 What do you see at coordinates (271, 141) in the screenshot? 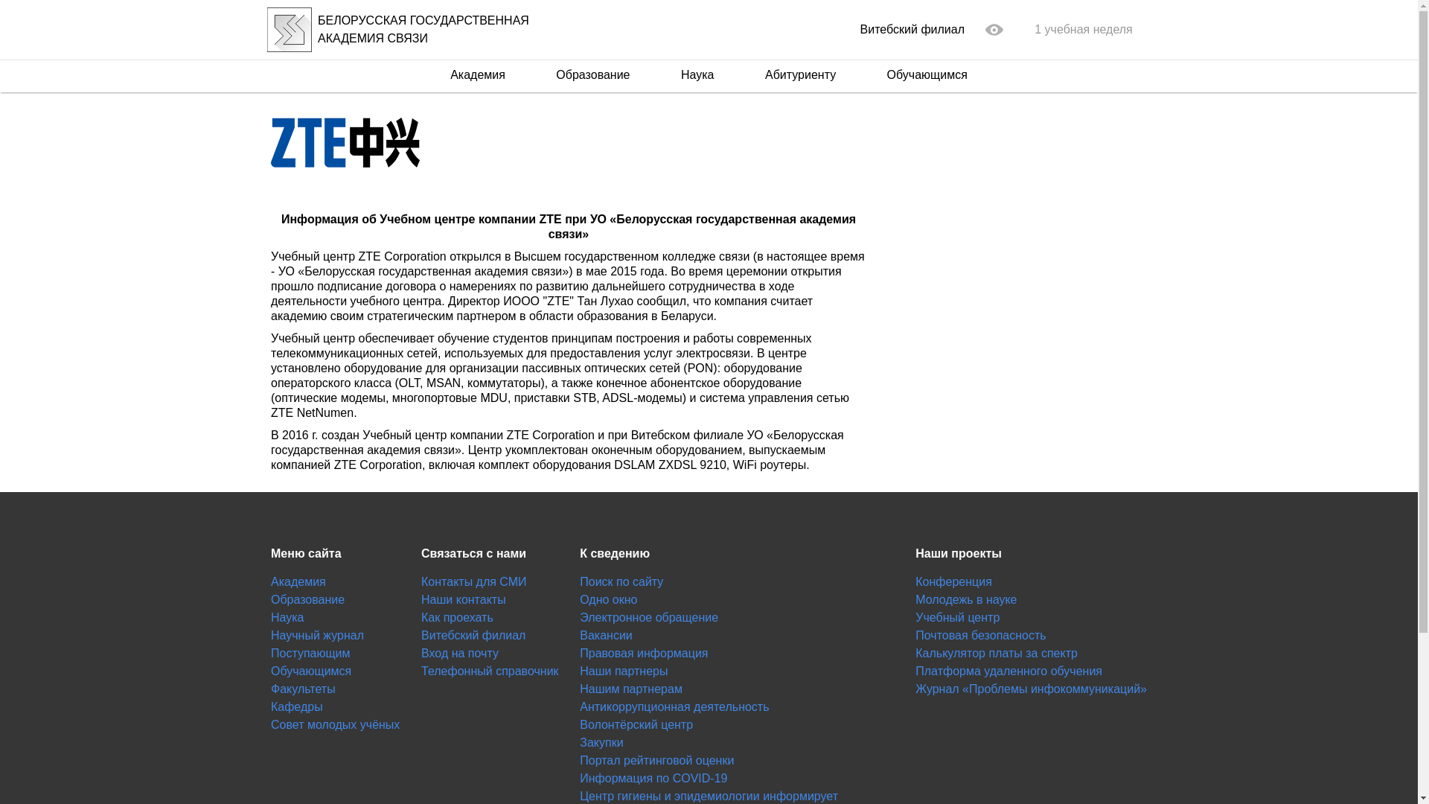
I see `'ZTE'` at bounding box center [271, 141].